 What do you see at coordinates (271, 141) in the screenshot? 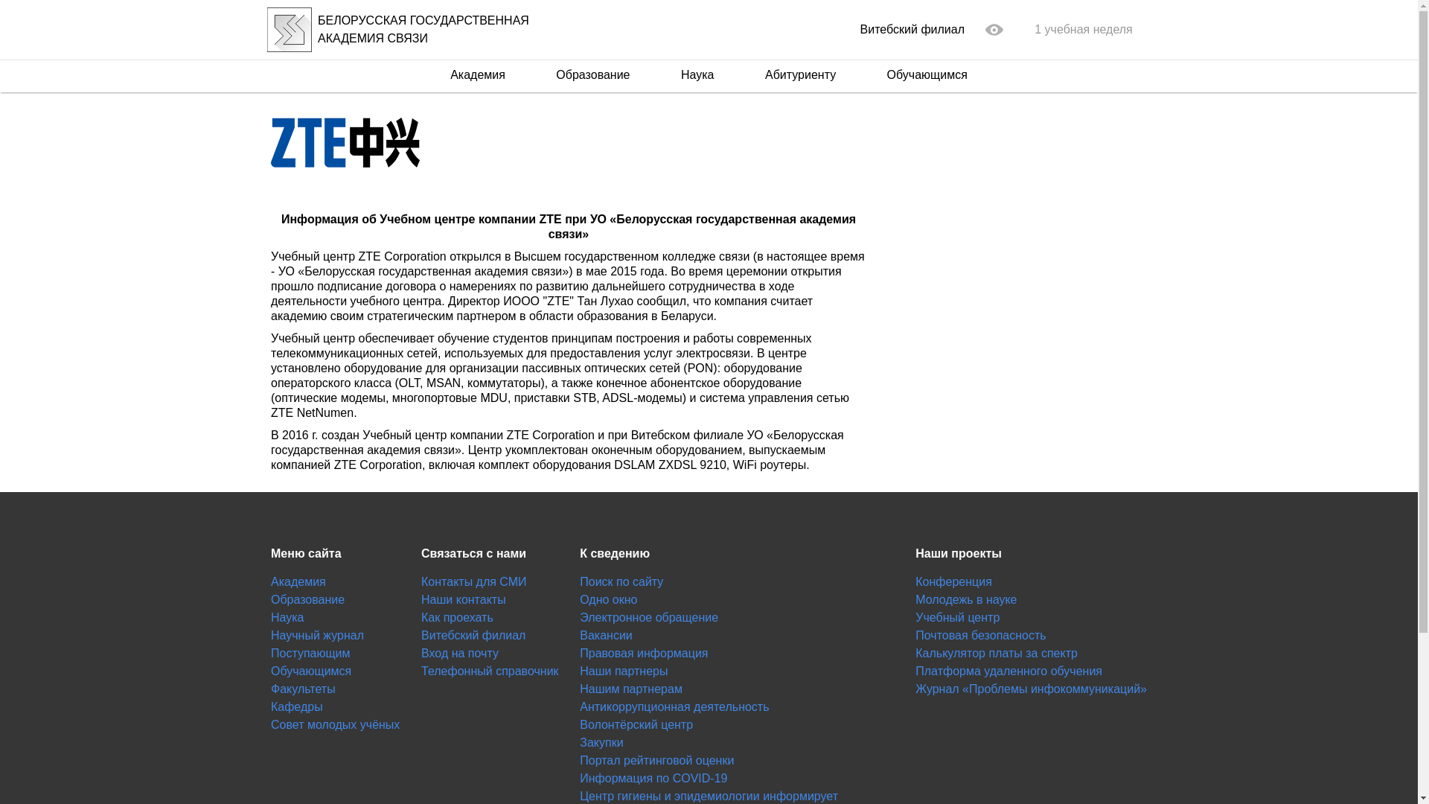
I see `'ZTE'` at bounding box center [271, 141].